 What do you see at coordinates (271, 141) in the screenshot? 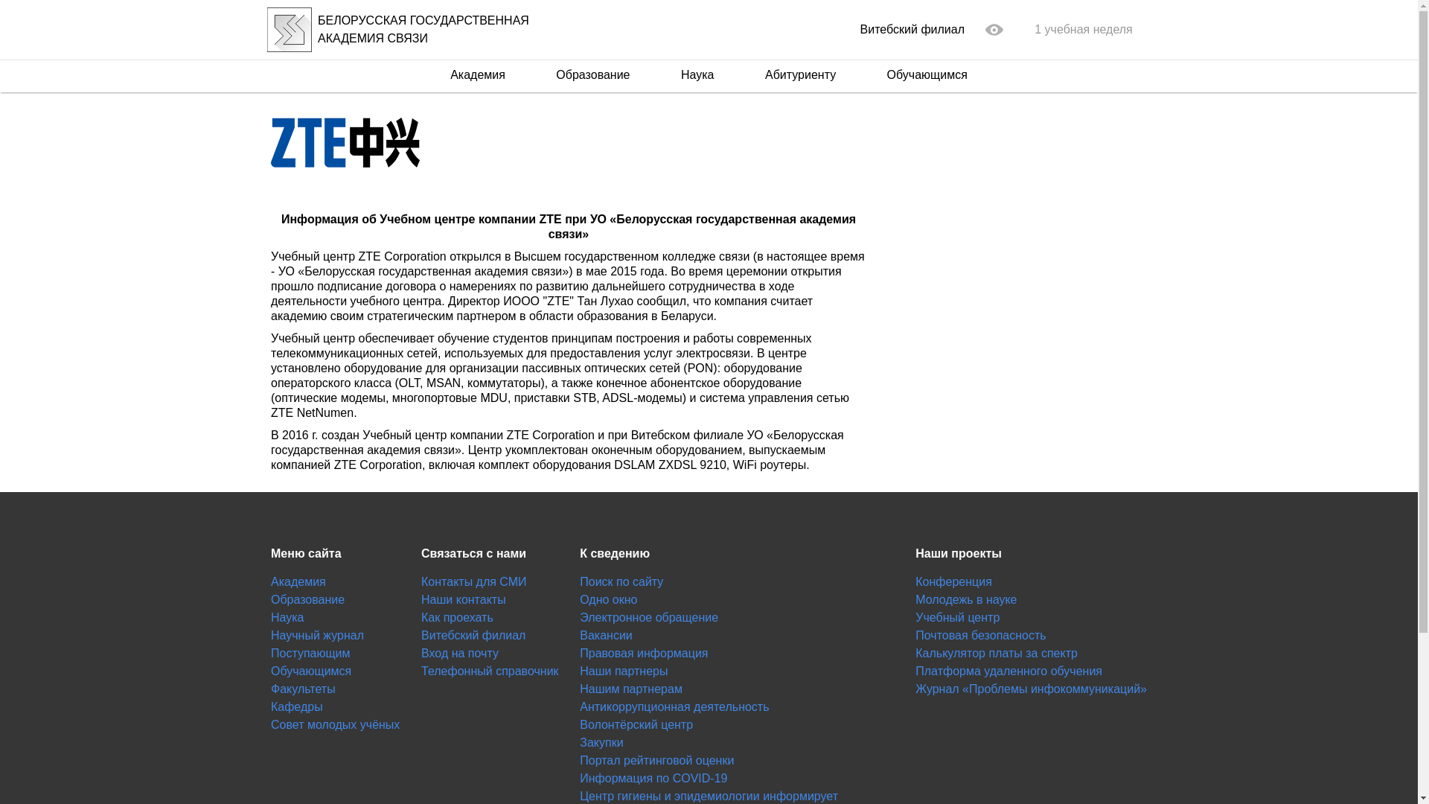
I see `'ZTE'` at bounding box center [271, 141].